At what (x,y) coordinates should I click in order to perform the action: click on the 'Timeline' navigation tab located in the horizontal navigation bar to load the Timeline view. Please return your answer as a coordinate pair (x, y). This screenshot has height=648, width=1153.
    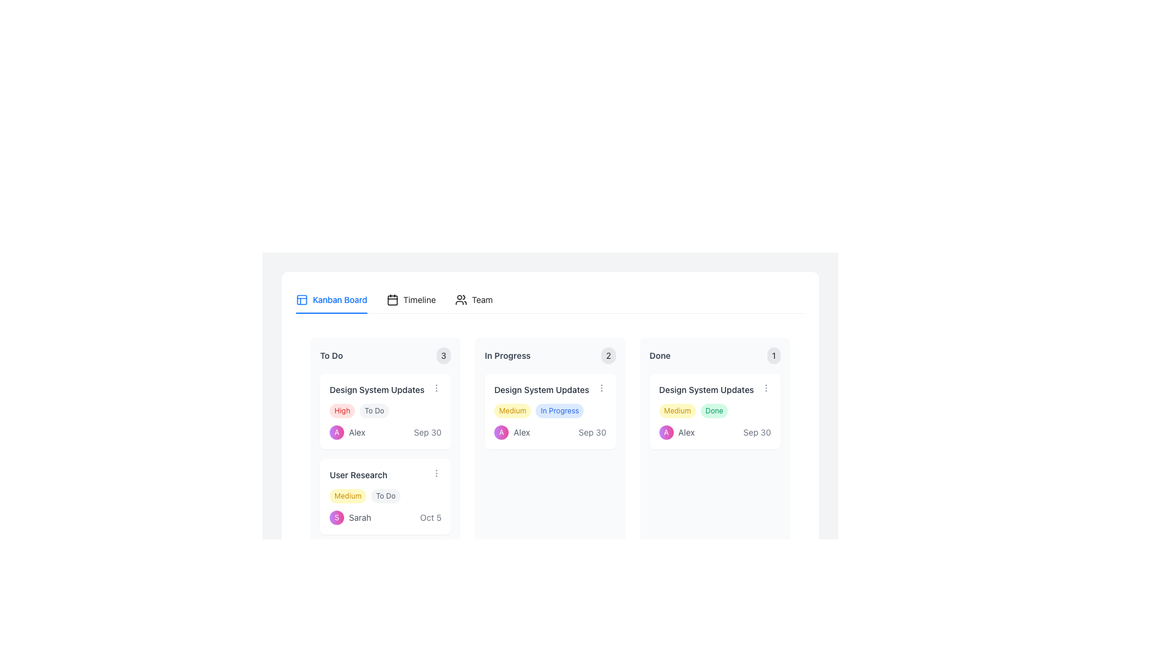
    Looking at the image, I should click on (394, 299).